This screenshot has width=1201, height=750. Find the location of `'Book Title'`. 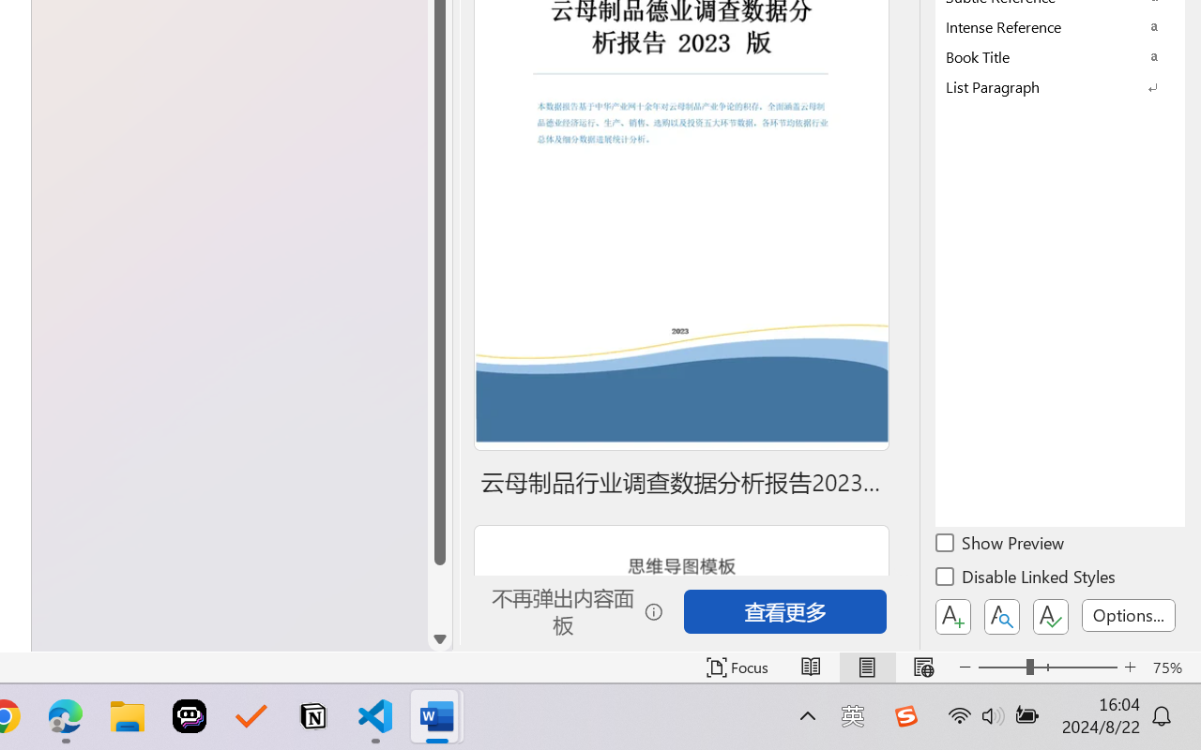

'Book Title' is located at coordinates (1060, 55).